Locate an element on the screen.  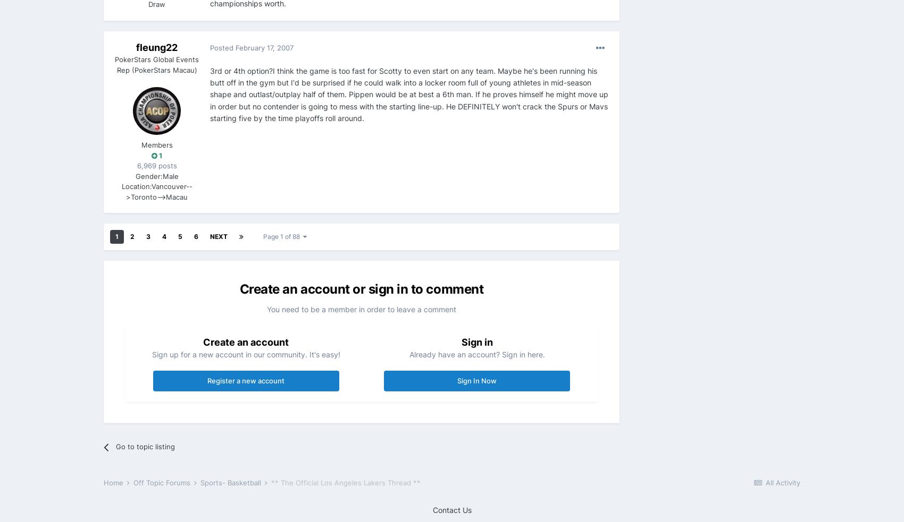
'Go to topic listing' is located at coordinates (145, 446).